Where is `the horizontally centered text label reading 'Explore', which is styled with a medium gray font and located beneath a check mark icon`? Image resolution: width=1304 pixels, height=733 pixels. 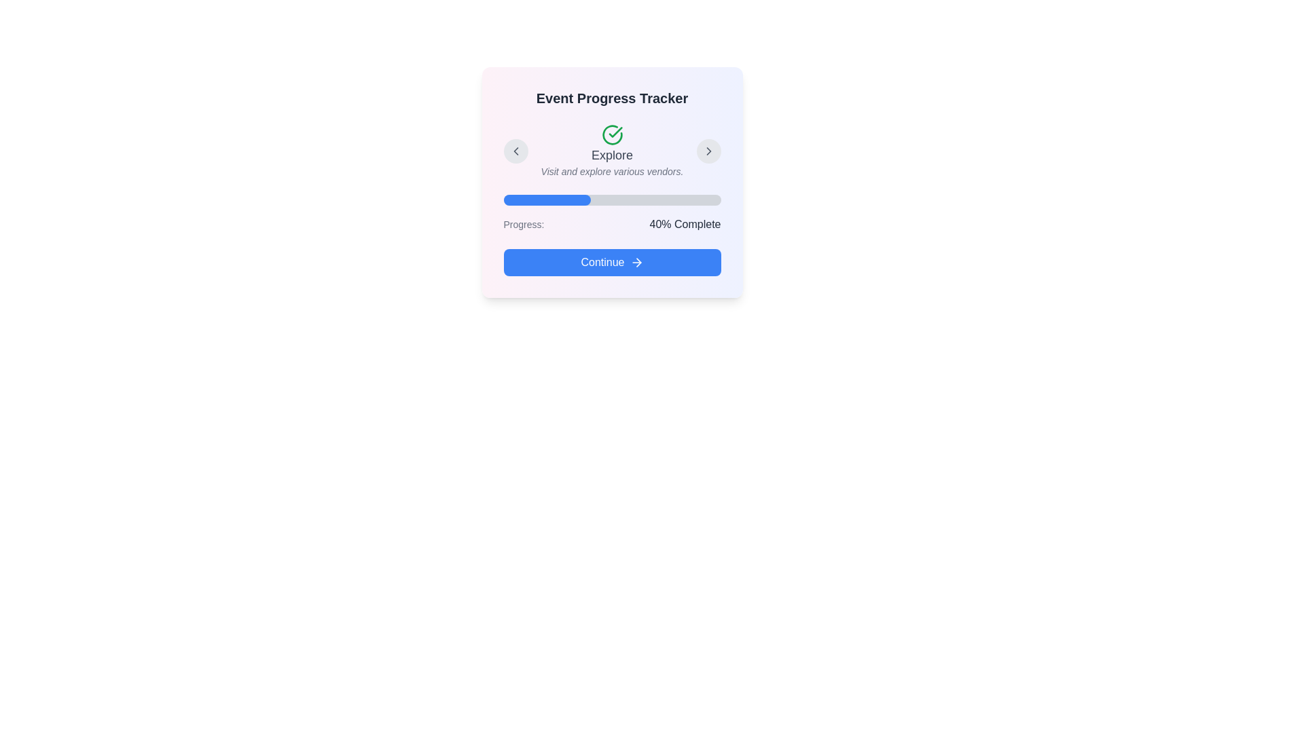 the horizontally centered text label reading 'Explore', which is styled with a medium gray font and located beneath a check mark icon is located at coordinates (611, 154).